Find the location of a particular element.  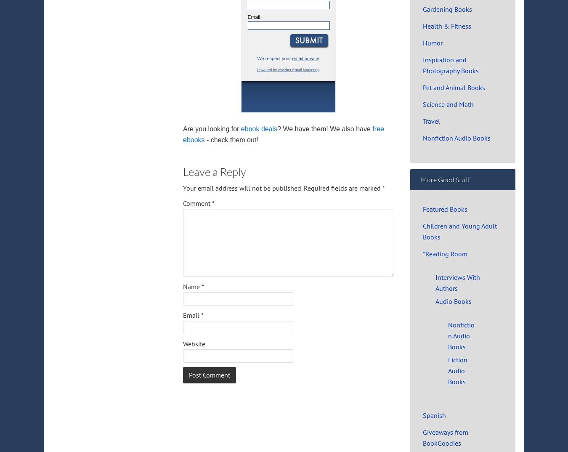

'Leave a Reply' is located at coordinates (214, 171).